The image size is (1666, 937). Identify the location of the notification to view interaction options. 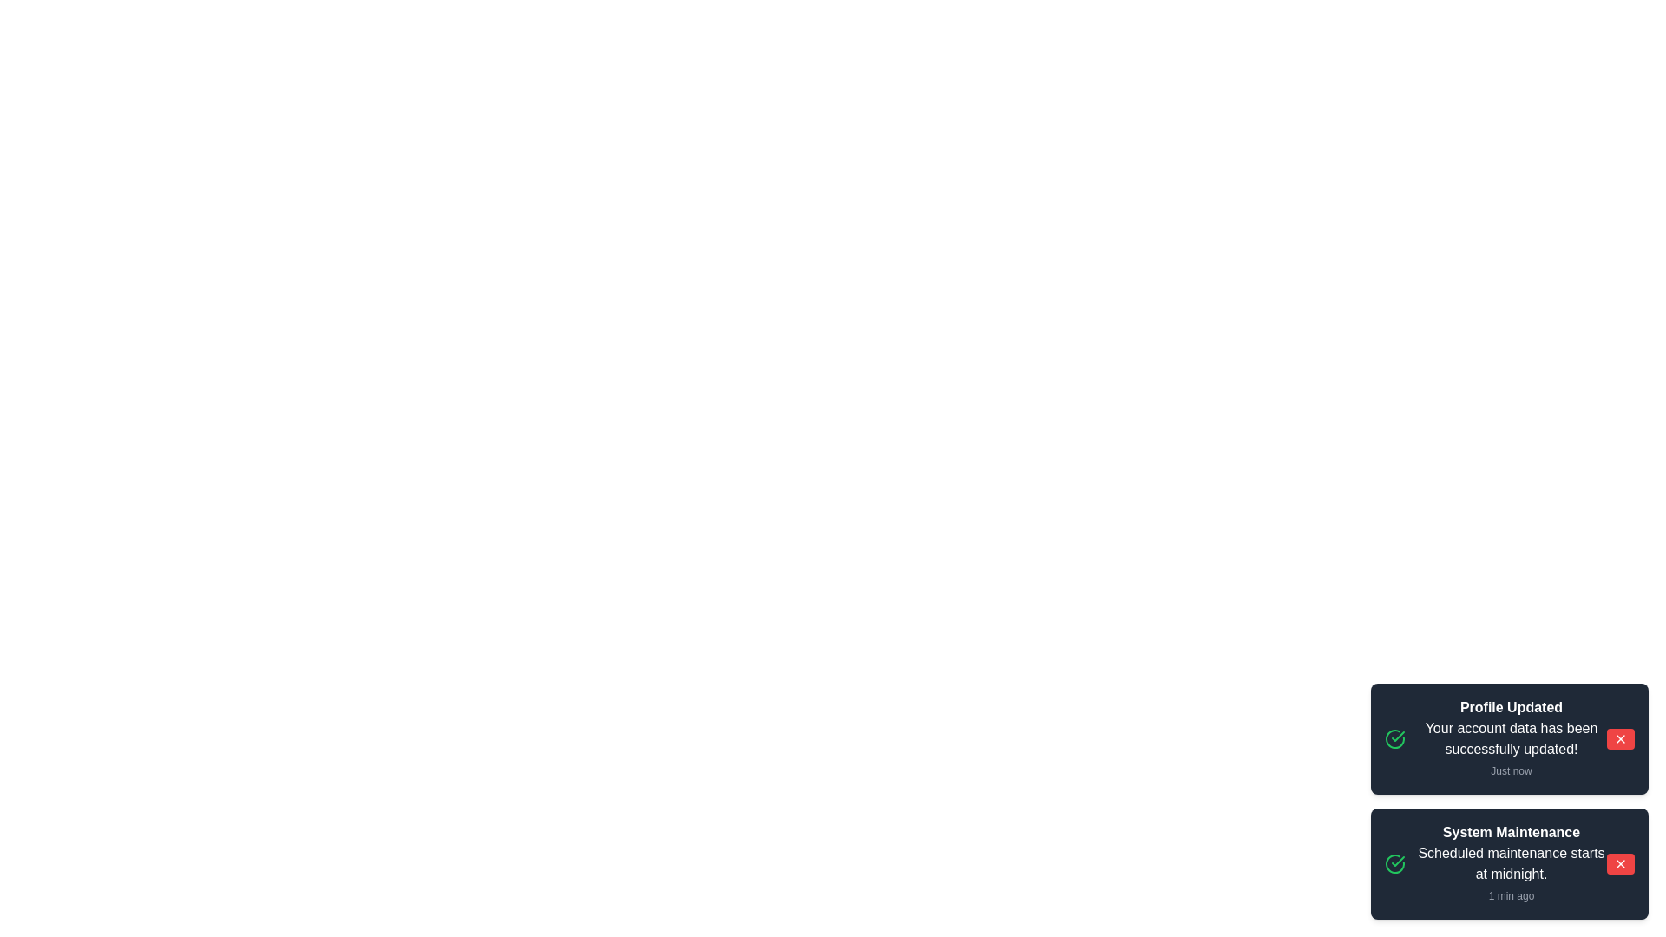
(1508, 739).